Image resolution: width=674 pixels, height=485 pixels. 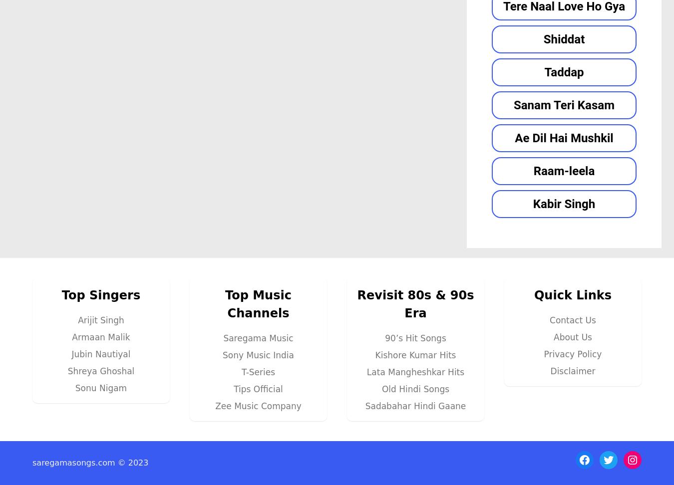 What do you see at coordinates (258, 388) in the screenshot?
I see `'Tips Official'` at bounding box center [258, 388].